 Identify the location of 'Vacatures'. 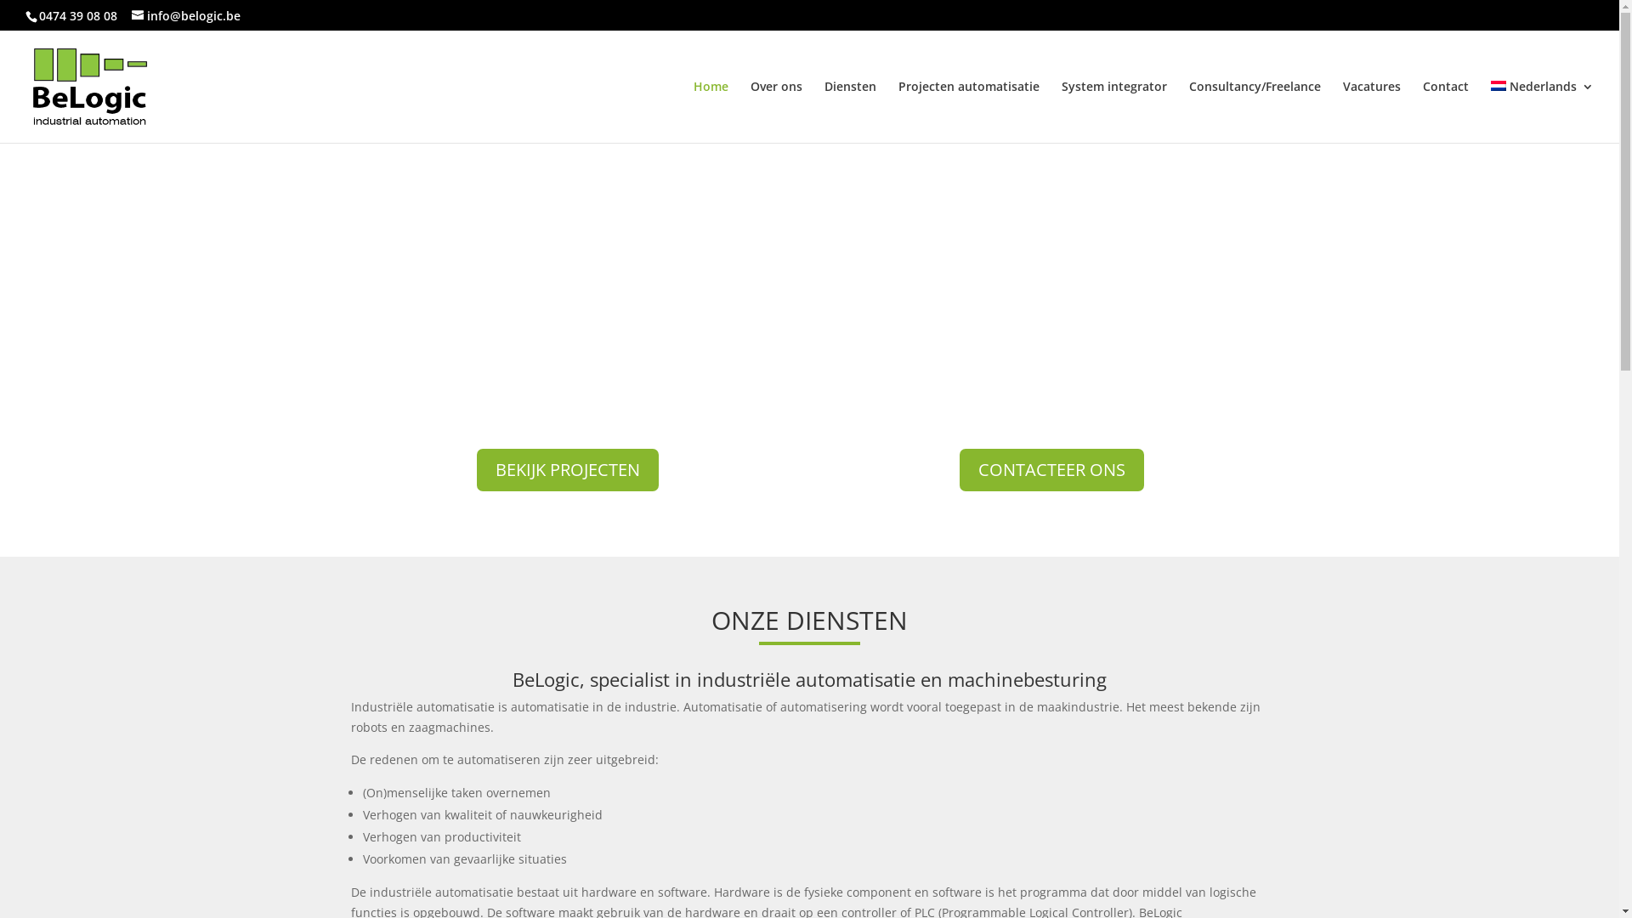
(1371, 111).